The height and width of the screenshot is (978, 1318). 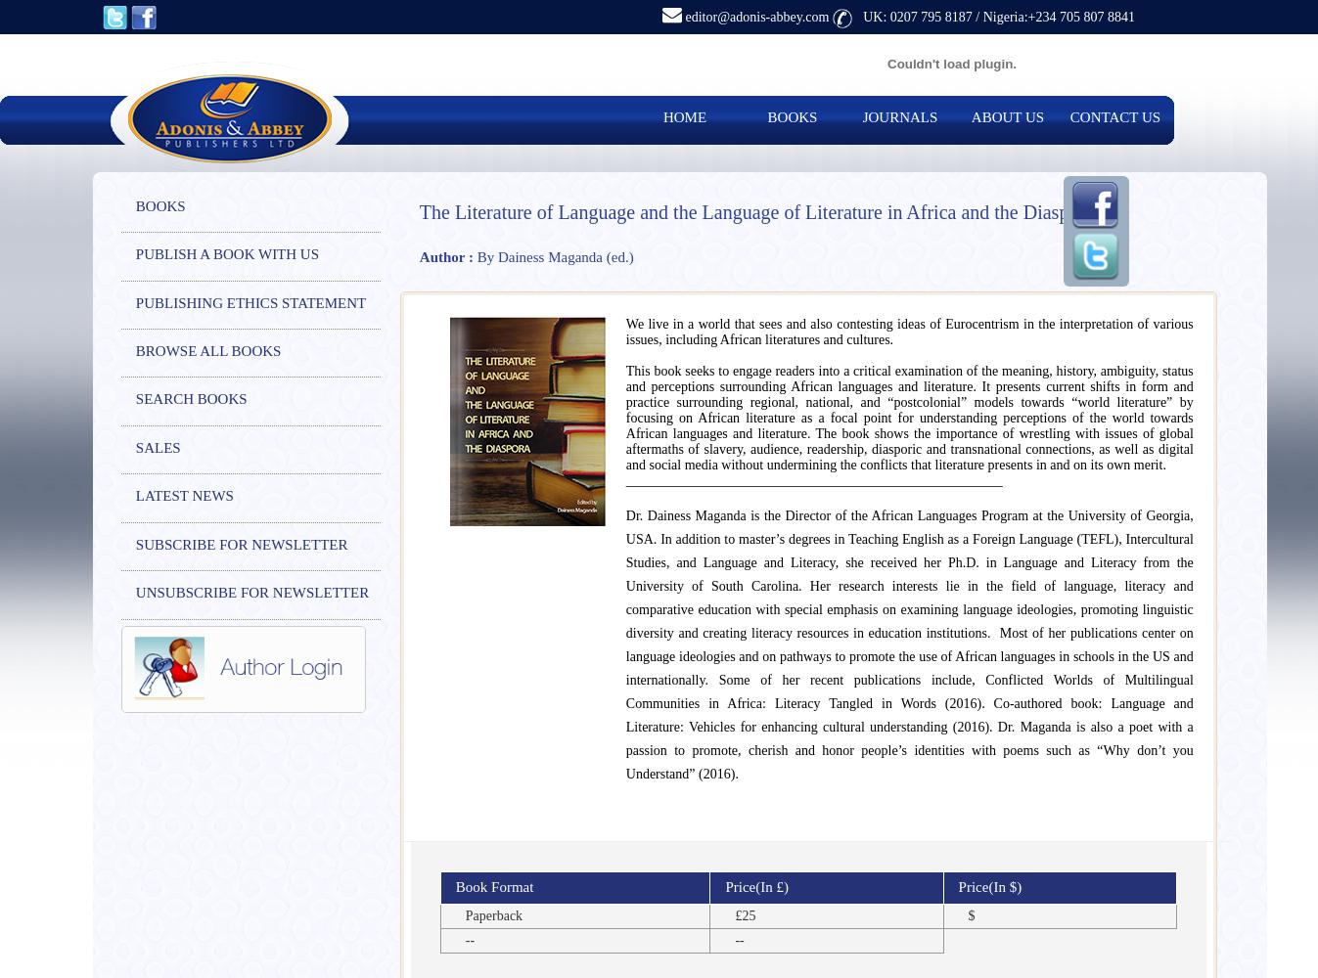 I want to click on 'editor@adonis-abbey.com', so click(x=754, y=17).